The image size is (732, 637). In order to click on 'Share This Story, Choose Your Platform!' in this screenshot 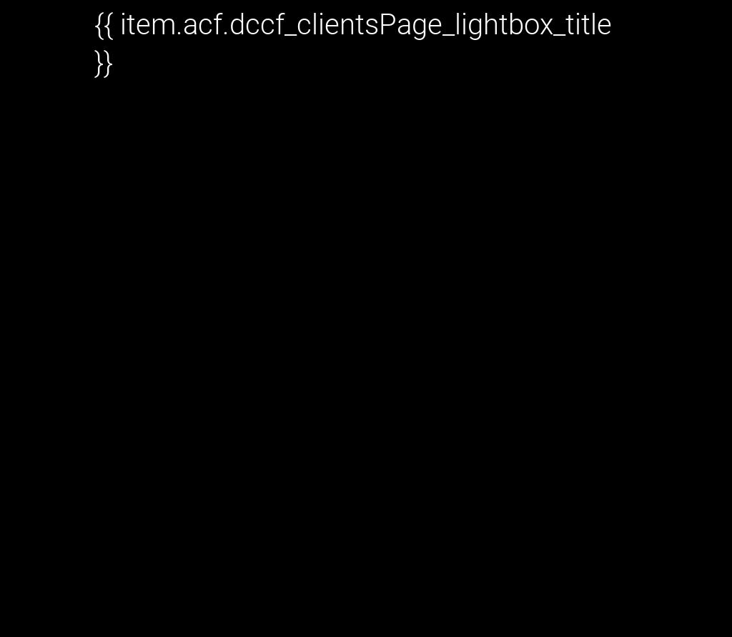, I will do `click(222, 429)`.